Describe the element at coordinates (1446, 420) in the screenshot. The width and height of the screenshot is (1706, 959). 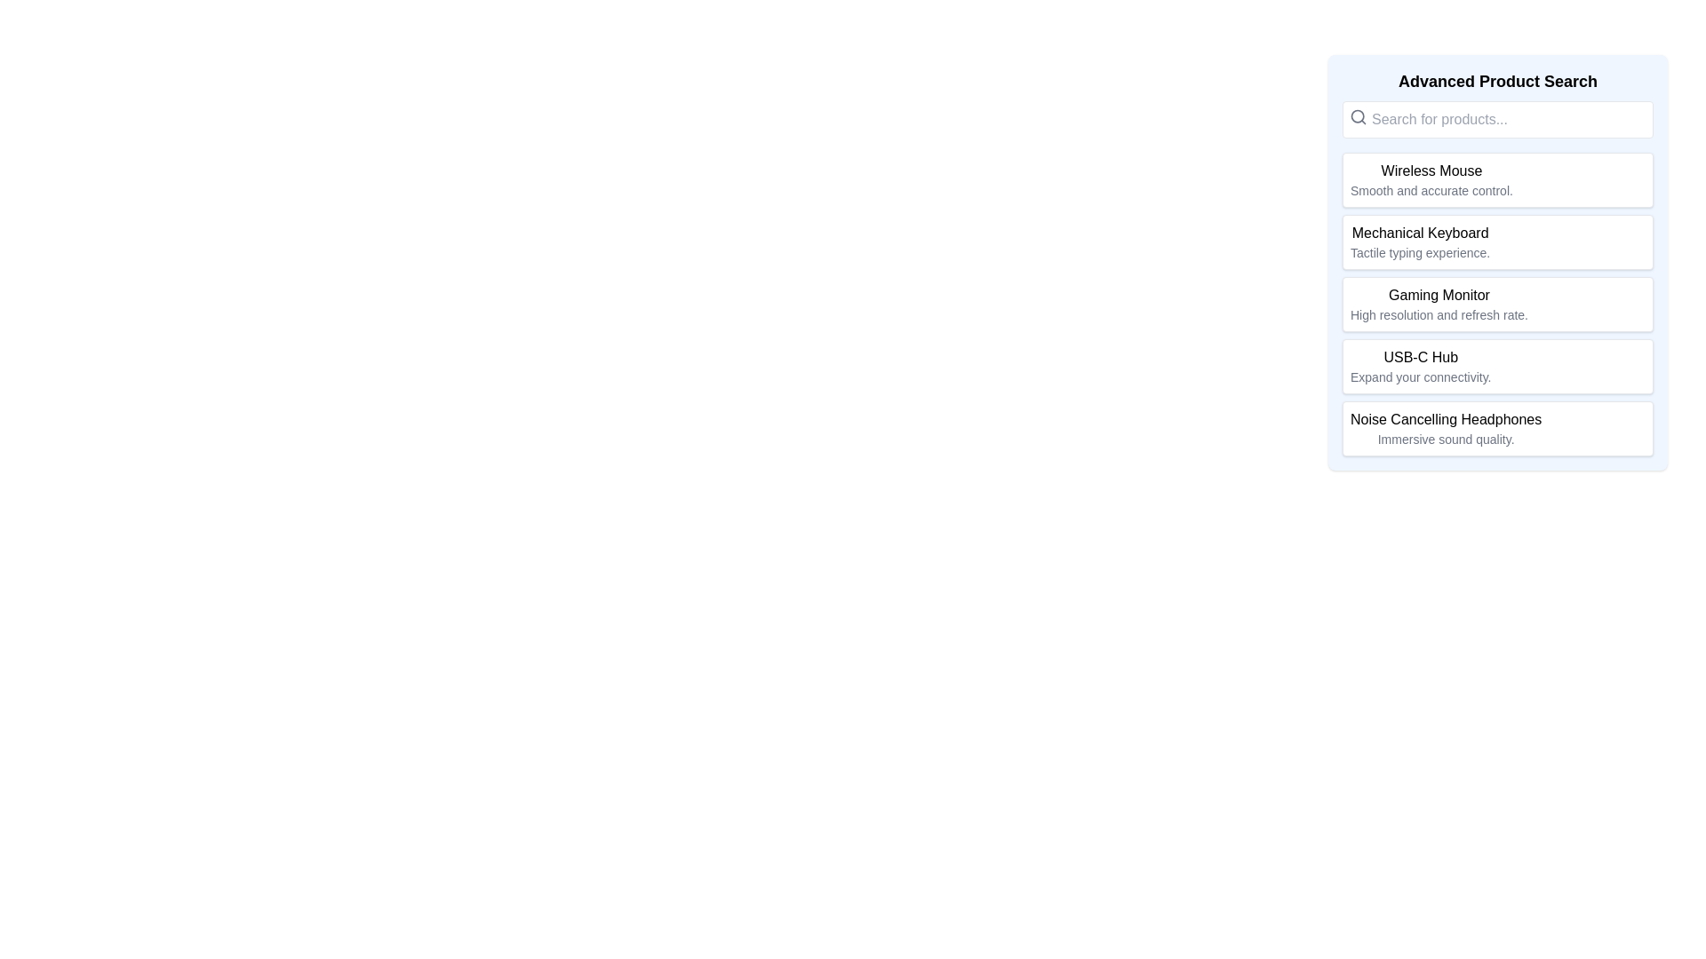
I see `text label 'Noise Cancelling Headphones' which is styled in a medium-weight font and acts as the heading for its associated content, positioned at the bottom of a vertically arranged list of product options` at that location.